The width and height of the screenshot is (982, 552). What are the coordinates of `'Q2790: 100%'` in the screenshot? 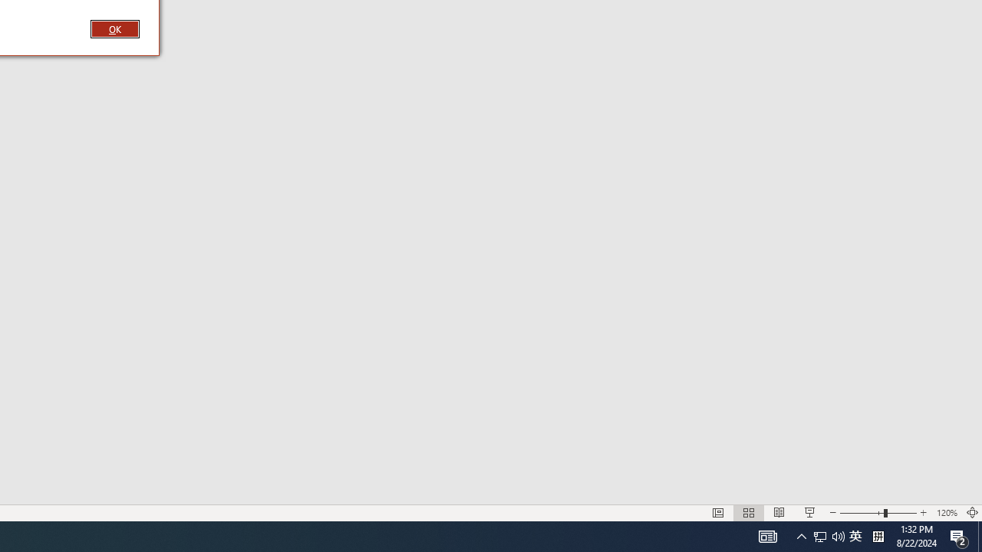 It's located at (878, 535).